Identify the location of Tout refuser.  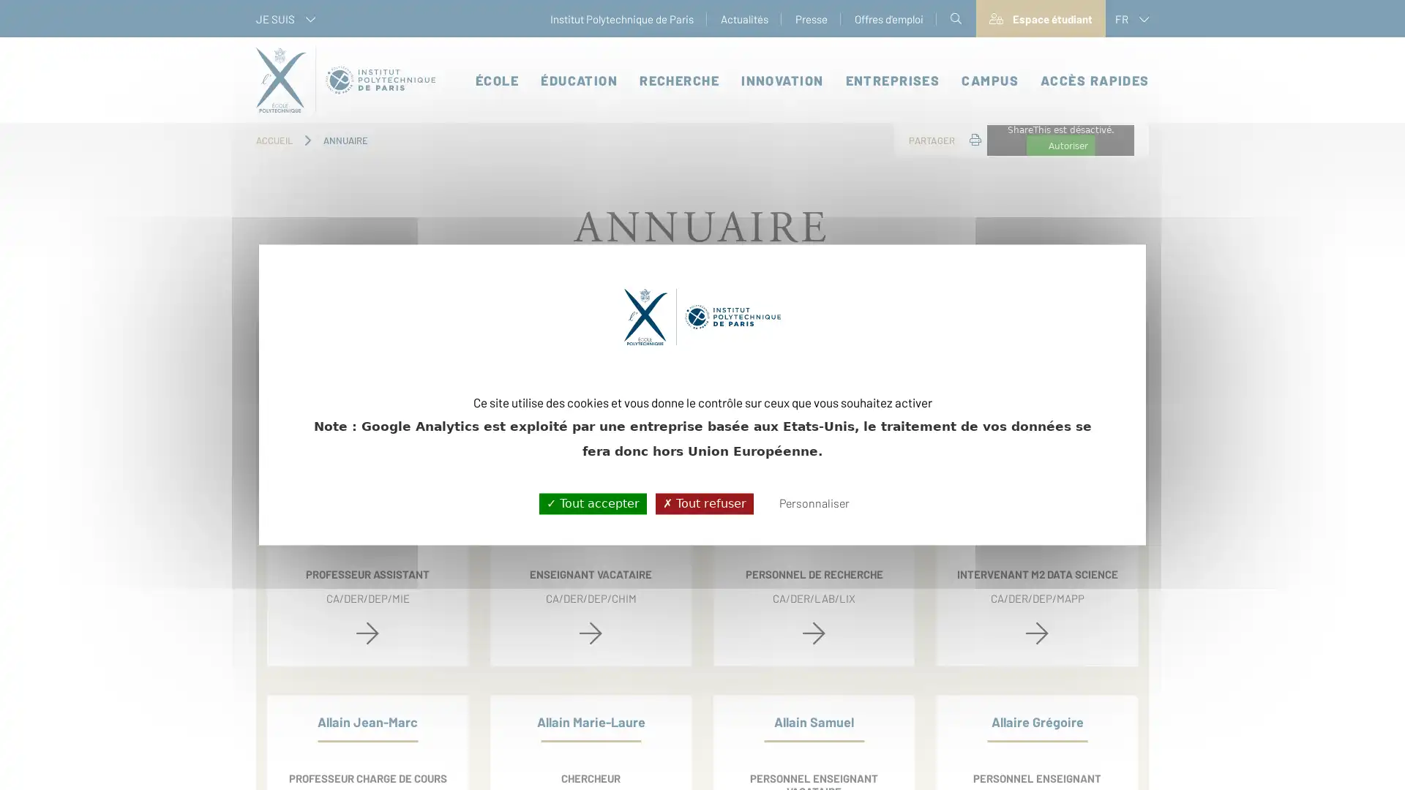
(703, 503).